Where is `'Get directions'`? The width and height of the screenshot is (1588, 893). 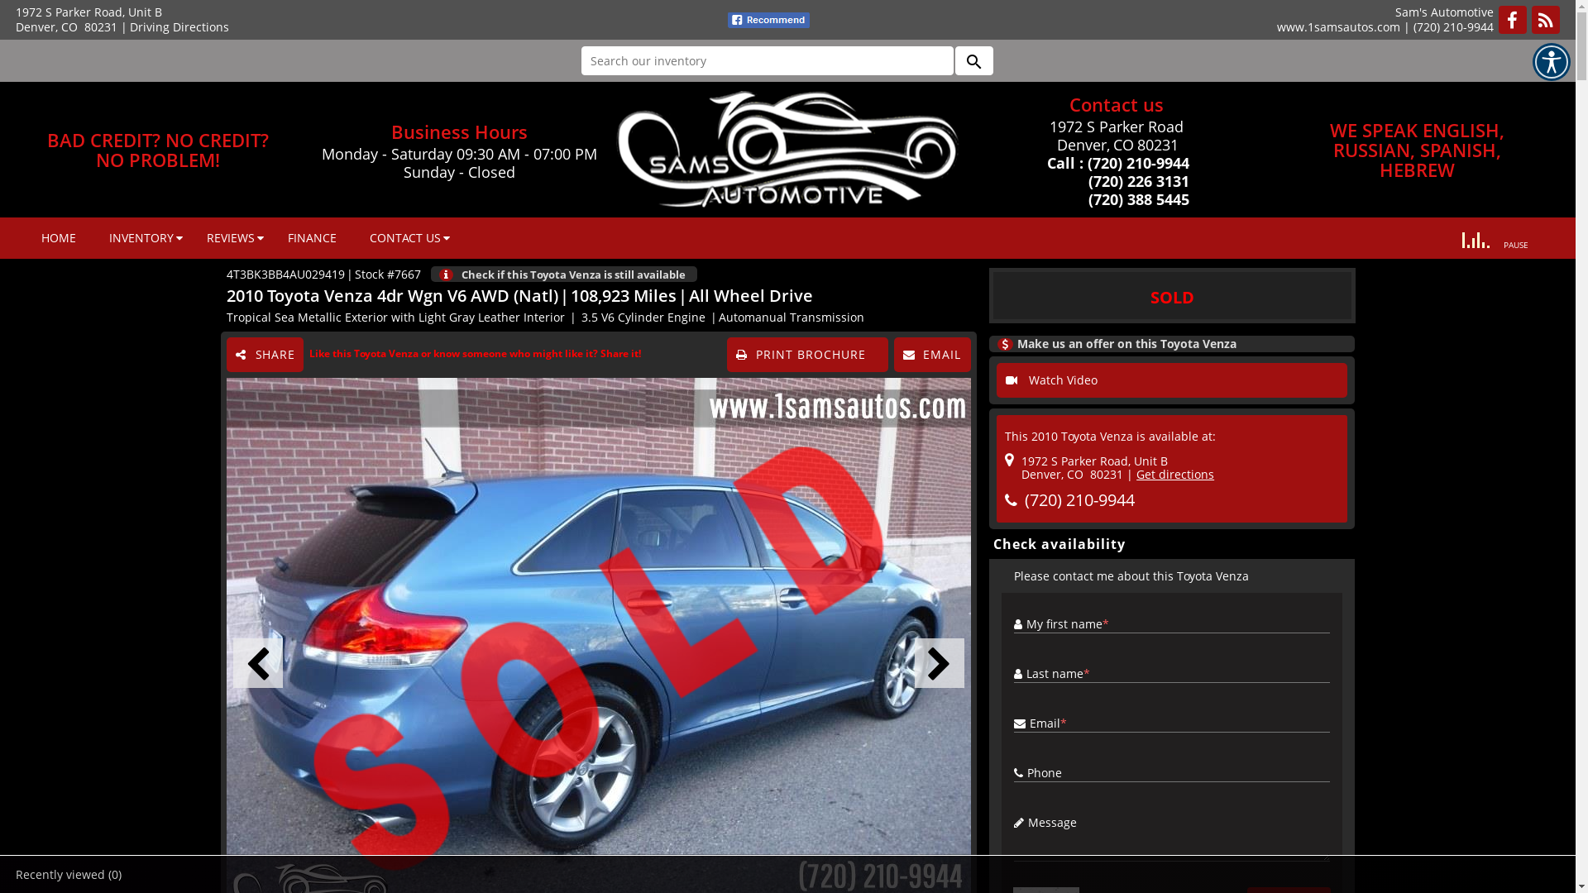
'Get directions' is located at coordinates (1135, 474).